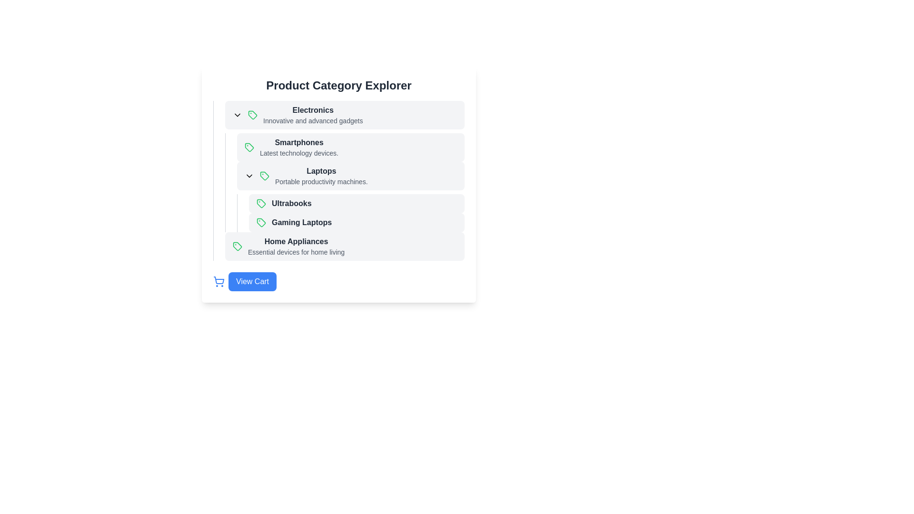  I want to click on the first selectable option in the 'Product Category Explorer' section under the 'Laptops' category, so click(356, 203).